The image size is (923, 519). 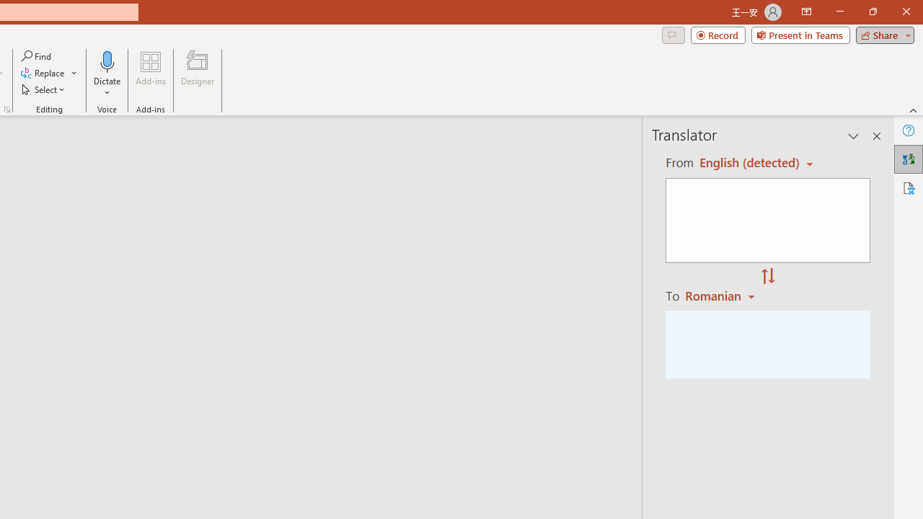 What do you see at coordinates (854, 136) in the screenshot?
I see `'Task Pane Options'` at bounding box center [854, 136].